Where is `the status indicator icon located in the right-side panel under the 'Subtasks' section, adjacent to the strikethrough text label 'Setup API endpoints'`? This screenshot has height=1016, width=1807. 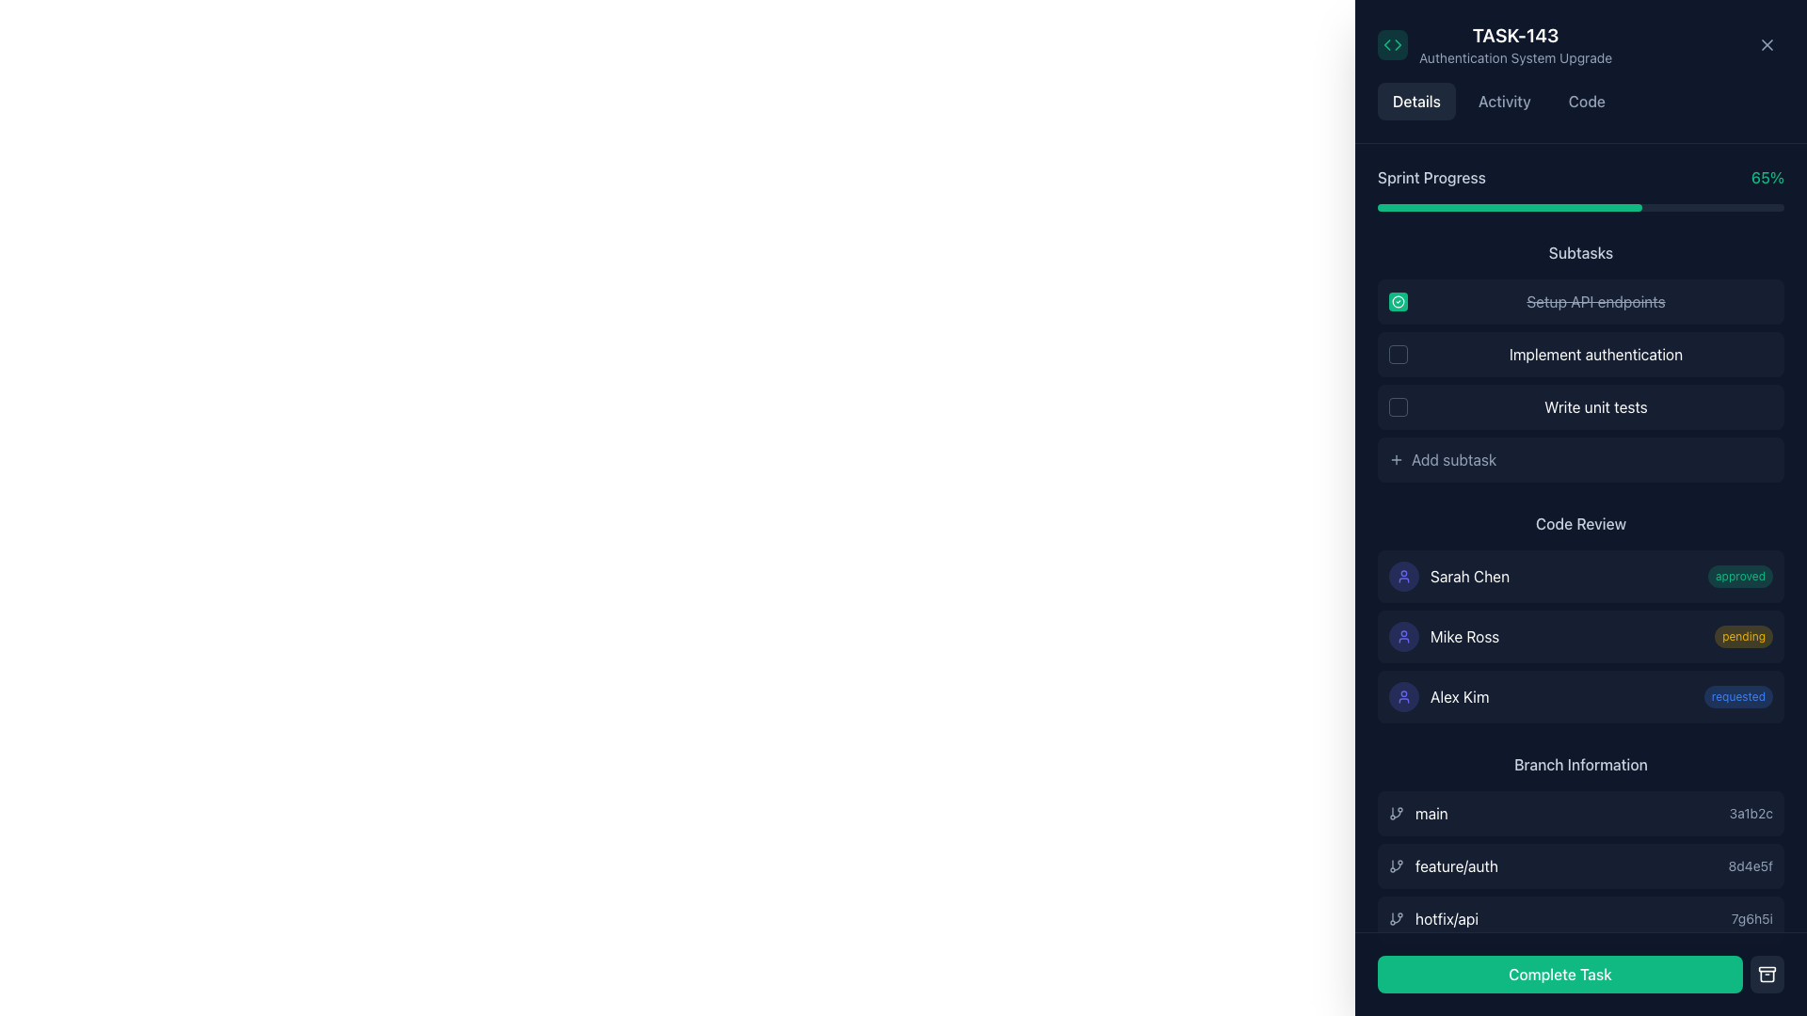
the status indicator icon located in the right-side panel under the 'Subtasks' section, adjacent to the strikethrough text label 'Setup API endpoints' is located at coordinates (1399, 300).